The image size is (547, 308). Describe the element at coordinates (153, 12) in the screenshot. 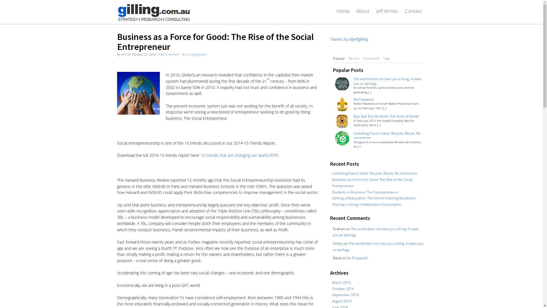

I see `'gilling.com.au'` at that location.